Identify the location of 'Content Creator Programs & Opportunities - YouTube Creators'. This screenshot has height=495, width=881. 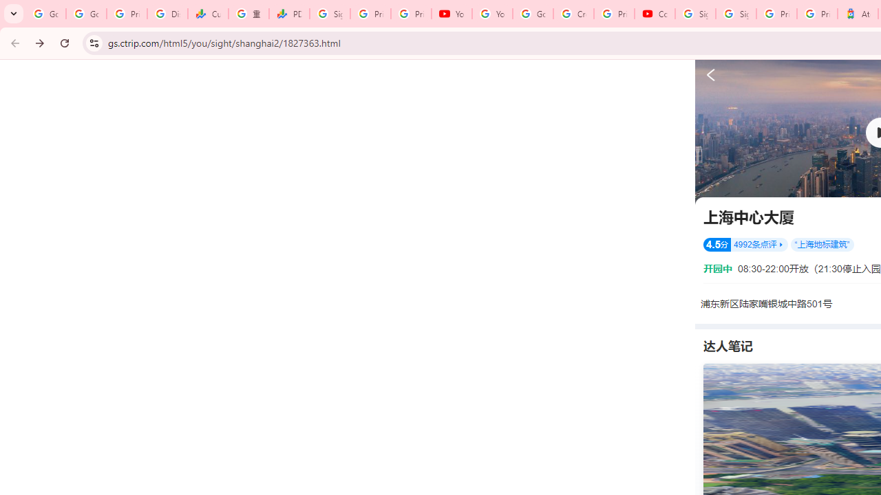
(654, 14).